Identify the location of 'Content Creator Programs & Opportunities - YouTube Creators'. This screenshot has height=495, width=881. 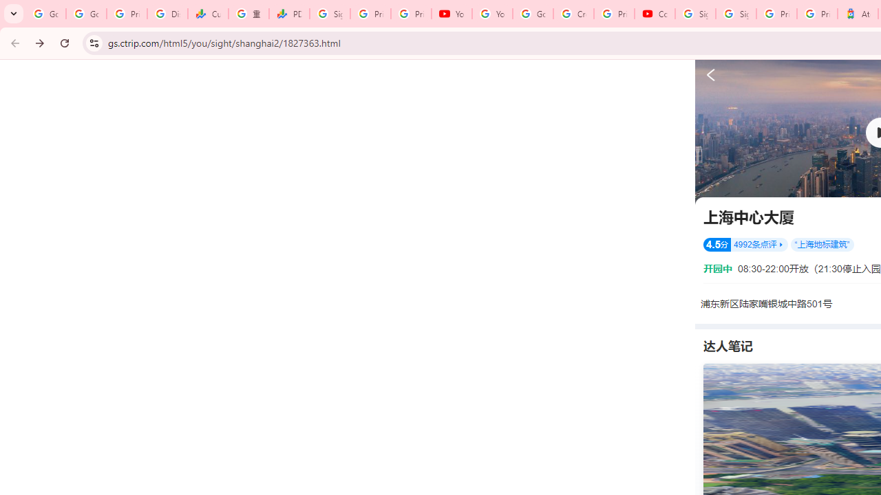
(654, 14).